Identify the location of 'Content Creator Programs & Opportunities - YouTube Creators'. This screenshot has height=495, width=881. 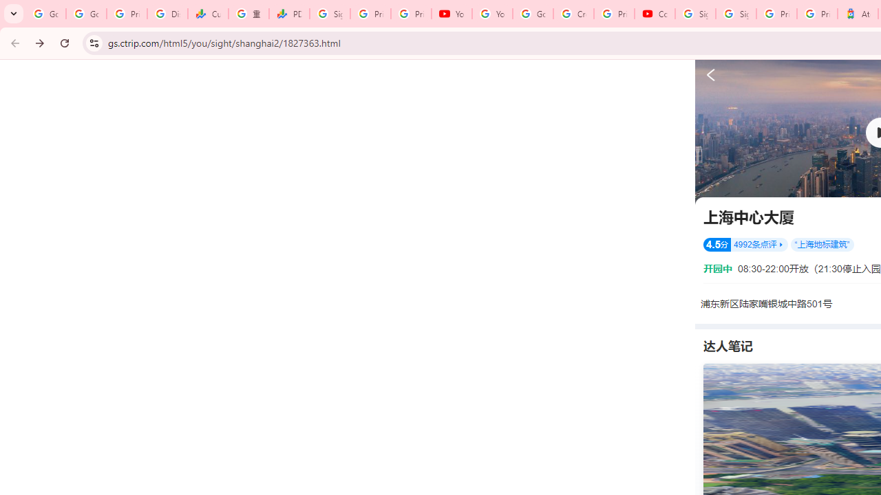
(654, 14).